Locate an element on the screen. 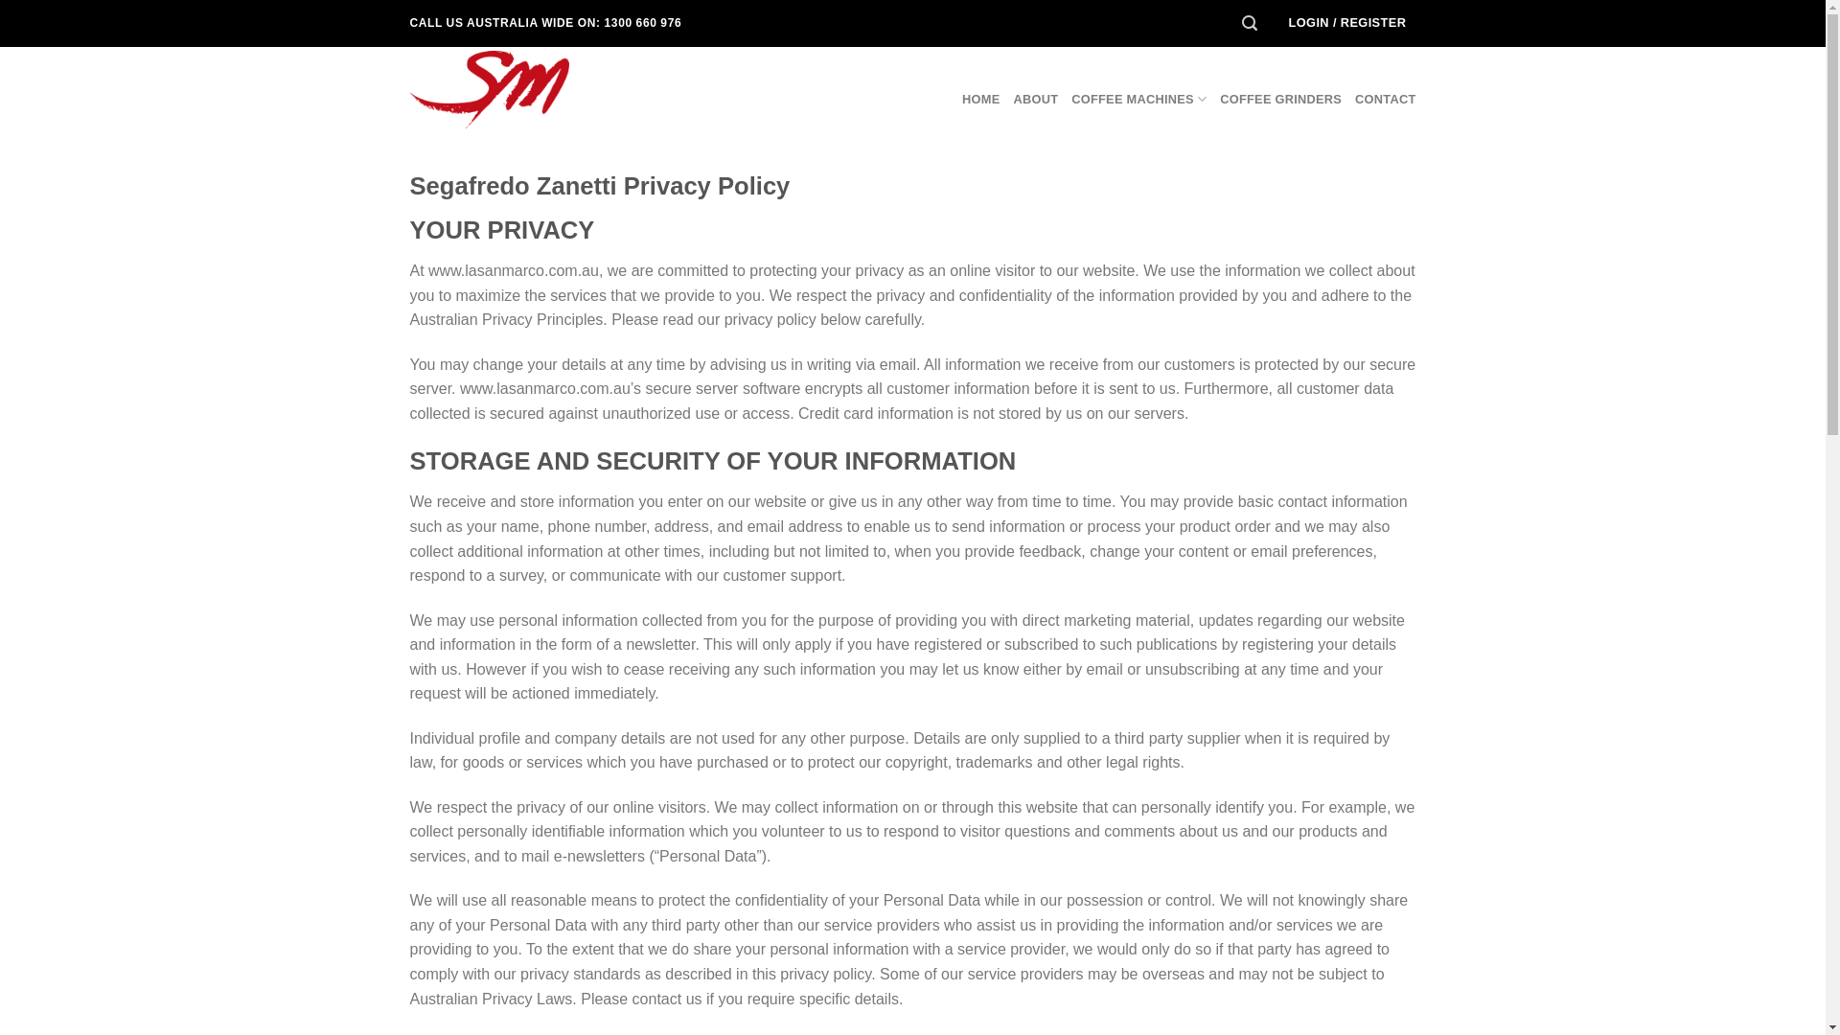 This screenshot has height=1035, width=1840. 'HOME' is located at coordinates (961, 100).